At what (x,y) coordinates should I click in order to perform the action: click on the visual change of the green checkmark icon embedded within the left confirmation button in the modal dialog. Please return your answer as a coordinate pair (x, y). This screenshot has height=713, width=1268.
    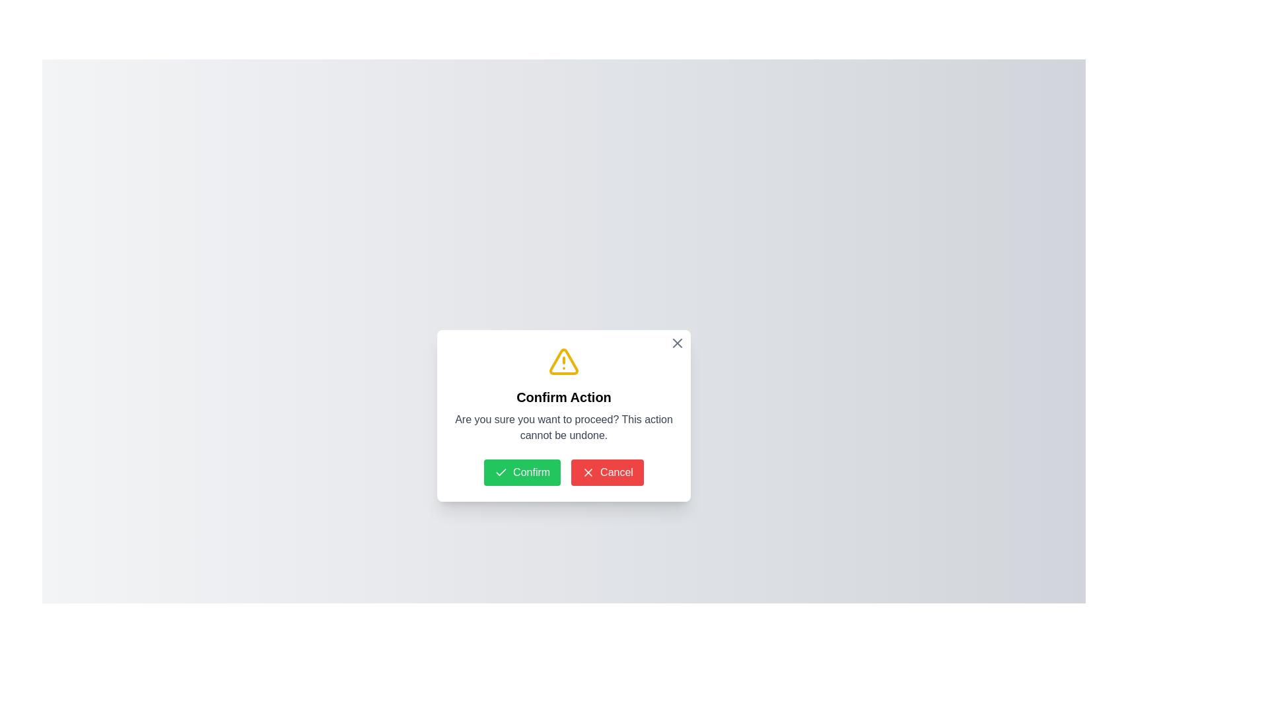
    Looking at the image, I should click on (501, 471).